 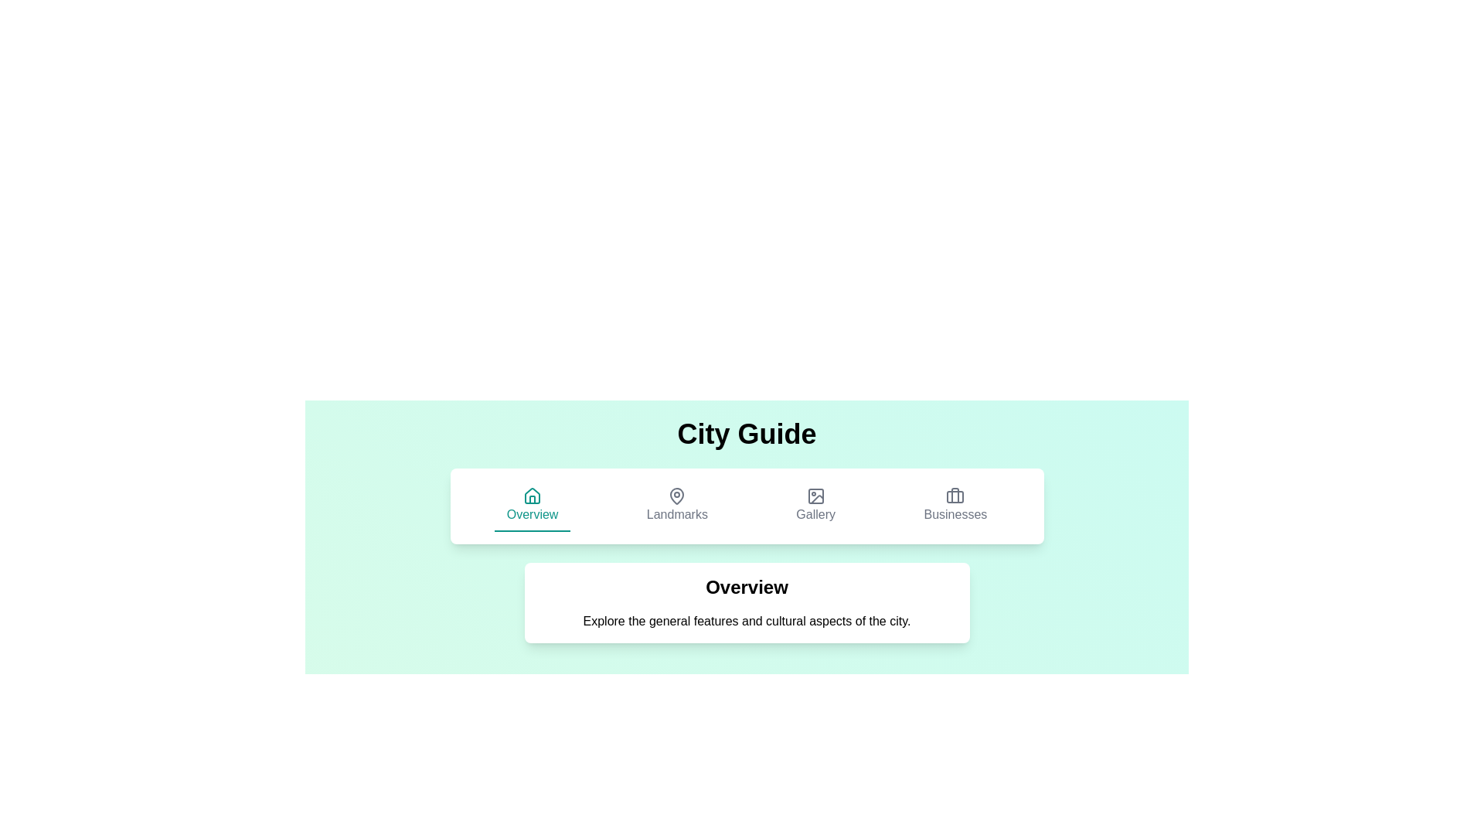 What do you see at coordinates (816, 499) in the screenshot?
I see `the diagonal line segment within the SVG representing the 'Gallery' tab icon, which is styled with a thin stroke` at bounding box center [816, 499].